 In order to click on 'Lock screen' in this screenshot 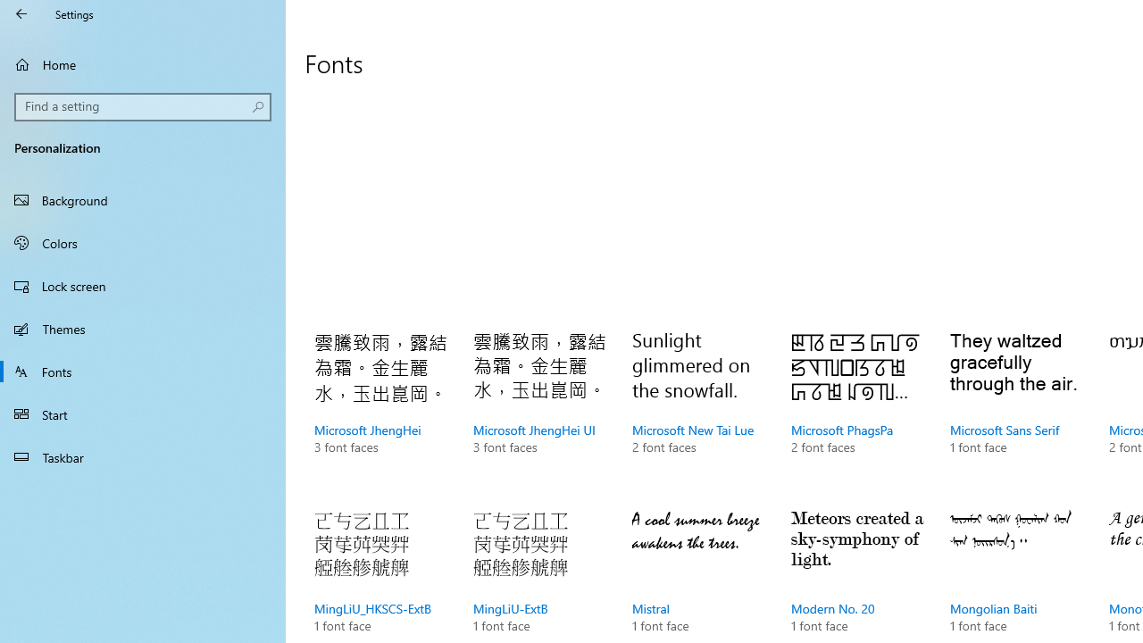, I will do `click(143, 285)`.